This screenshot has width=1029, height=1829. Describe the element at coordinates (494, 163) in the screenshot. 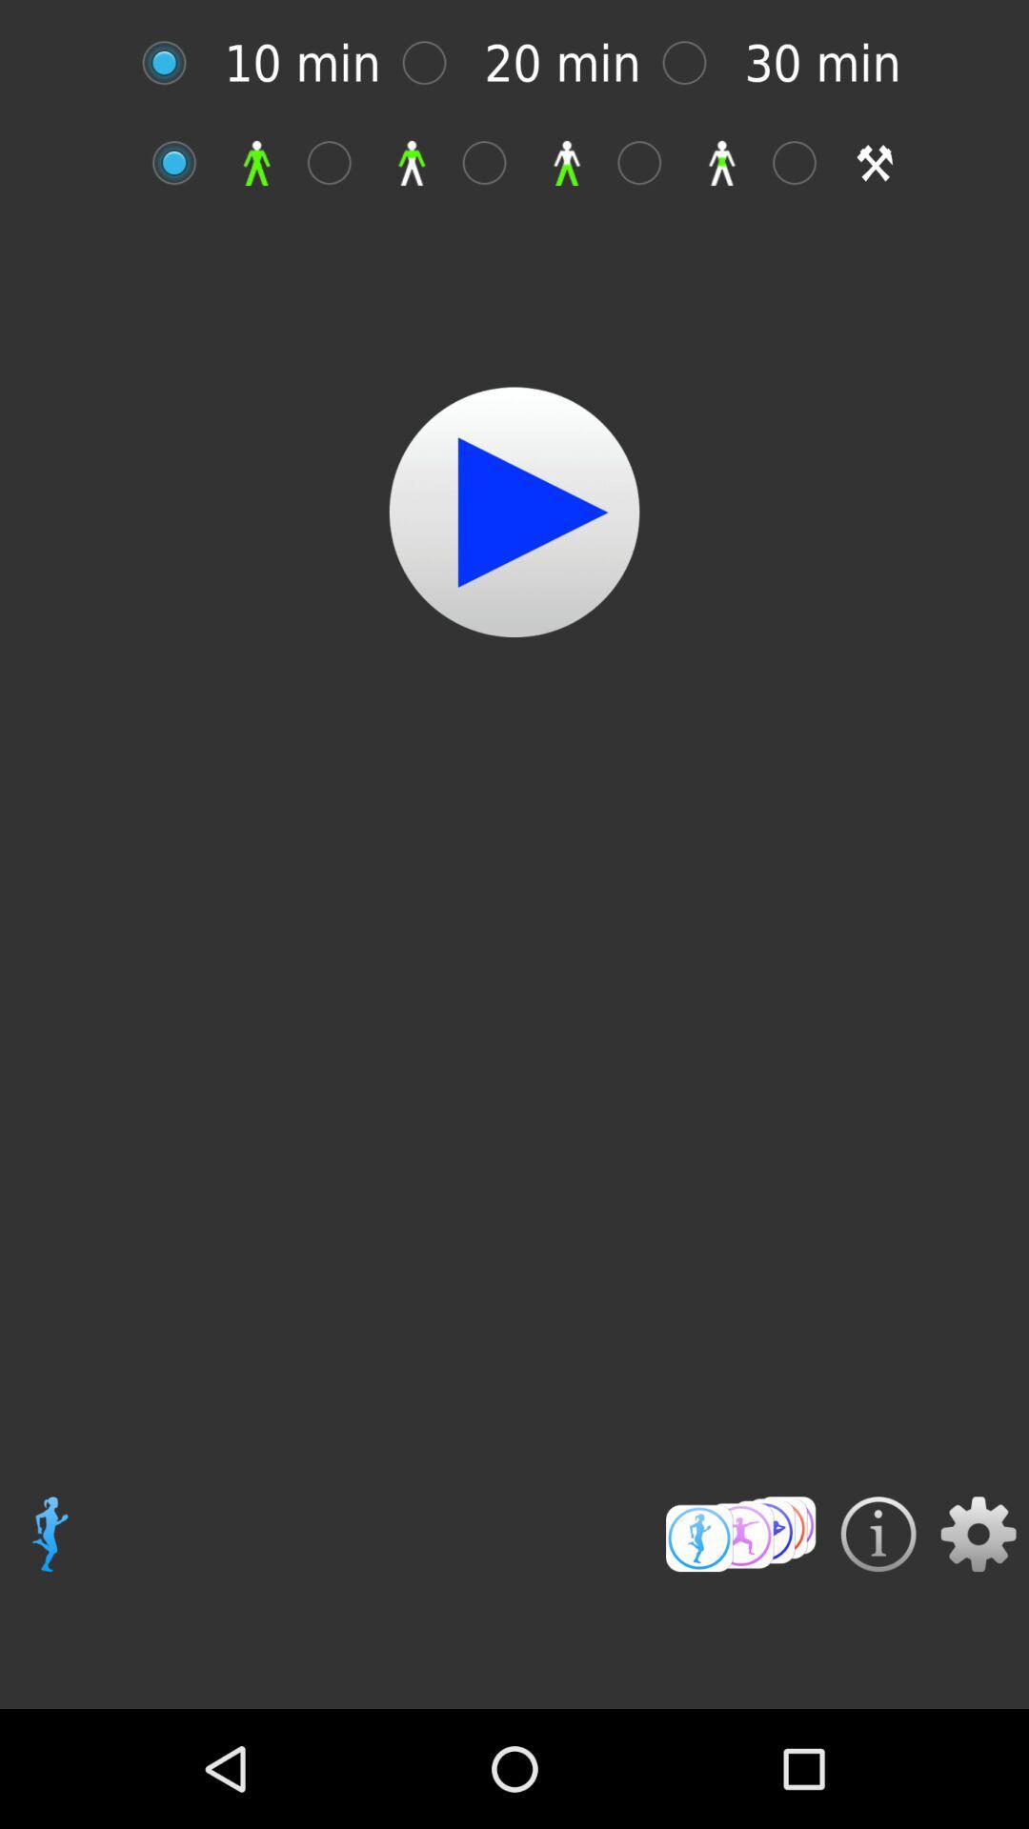

I see `third option` at that location.